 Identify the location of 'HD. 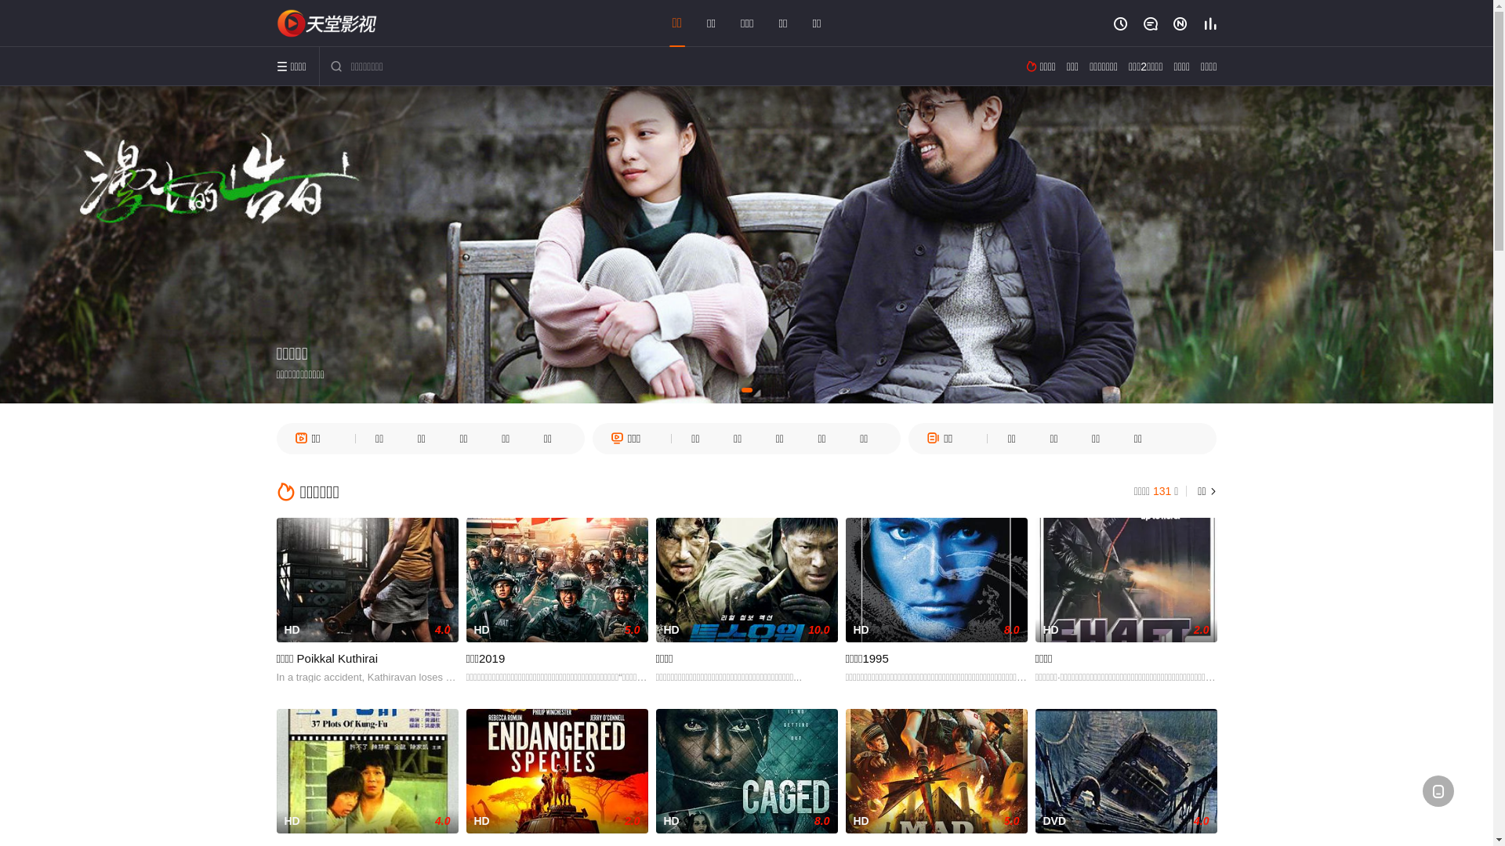
(1035, 580).